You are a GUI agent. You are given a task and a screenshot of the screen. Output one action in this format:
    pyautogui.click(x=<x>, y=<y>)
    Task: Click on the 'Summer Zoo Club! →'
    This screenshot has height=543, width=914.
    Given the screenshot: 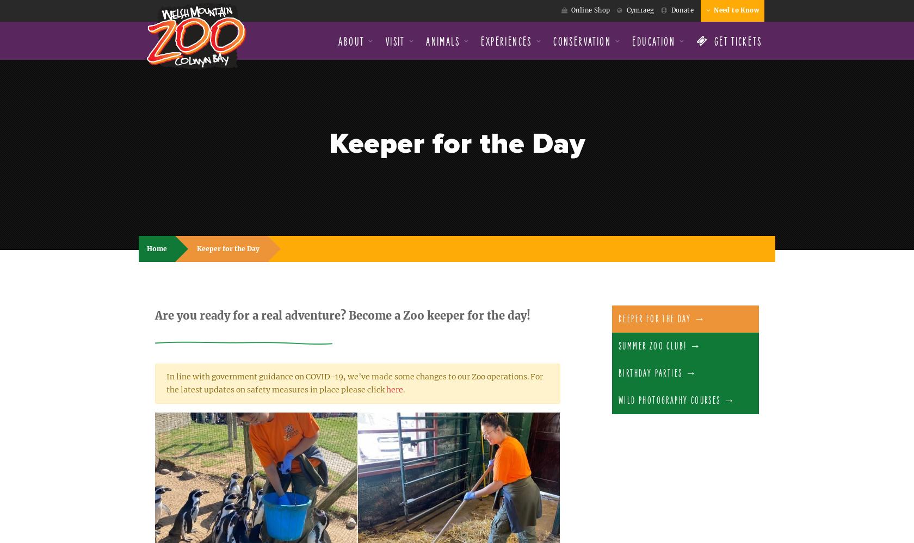 What is the action you would take?
    pyautogui.click(x=660, y=345)
    